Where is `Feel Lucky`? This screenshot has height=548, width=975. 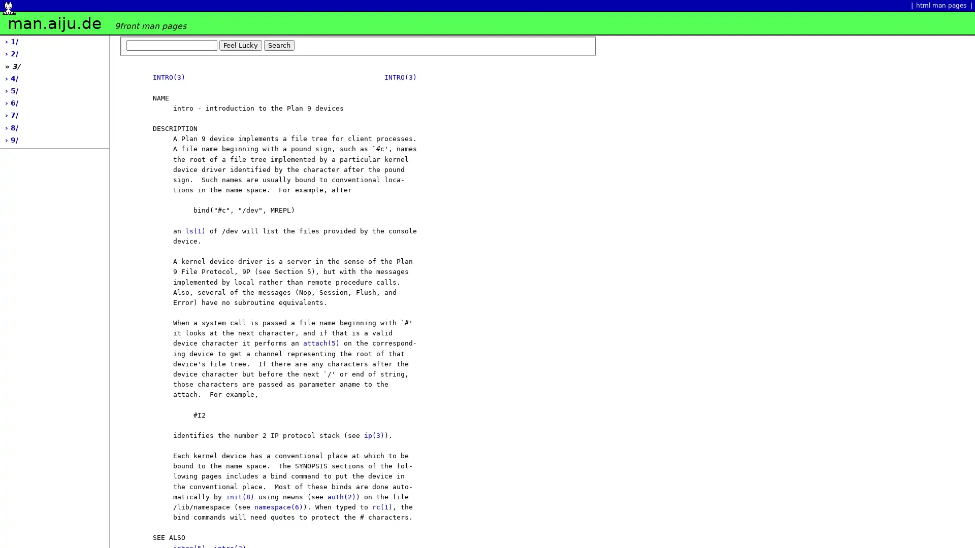 Feel Lucky is located at coordinates (240, 44).